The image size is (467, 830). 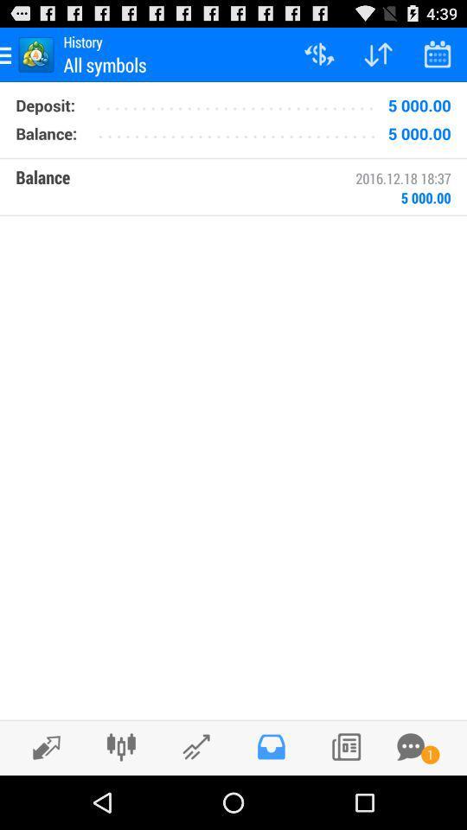 What do you see at coordinates (346, 746) in the screenshot?
I see `open news tab` at bounding box center [346, 746].